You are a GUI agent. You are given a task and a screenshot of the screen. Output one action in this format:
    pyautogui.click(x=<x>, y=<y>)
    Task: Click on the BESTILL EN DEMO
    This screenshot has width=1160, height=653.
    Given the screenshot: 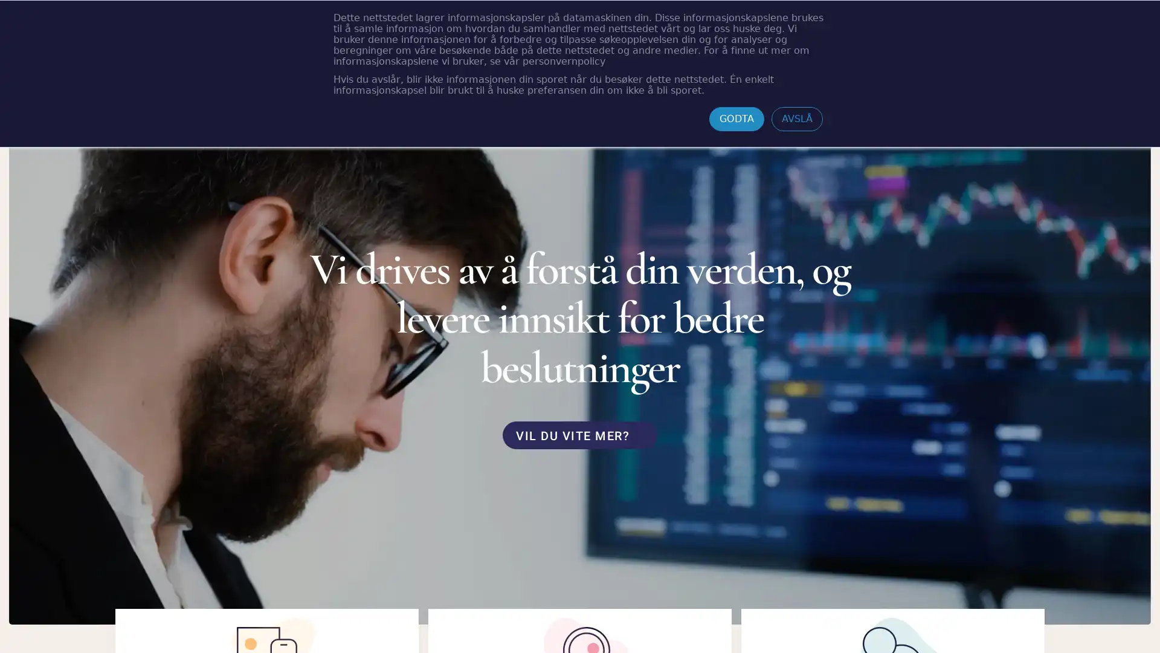 What is the action you would take?
    pyautogui.click(x=968, y=29)
    